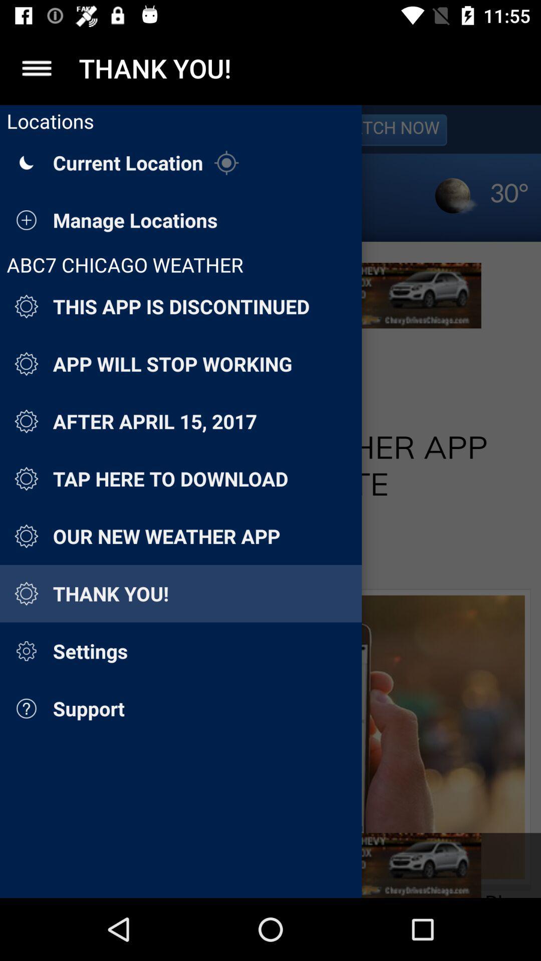  I want to click on home button, so click(36, 68).